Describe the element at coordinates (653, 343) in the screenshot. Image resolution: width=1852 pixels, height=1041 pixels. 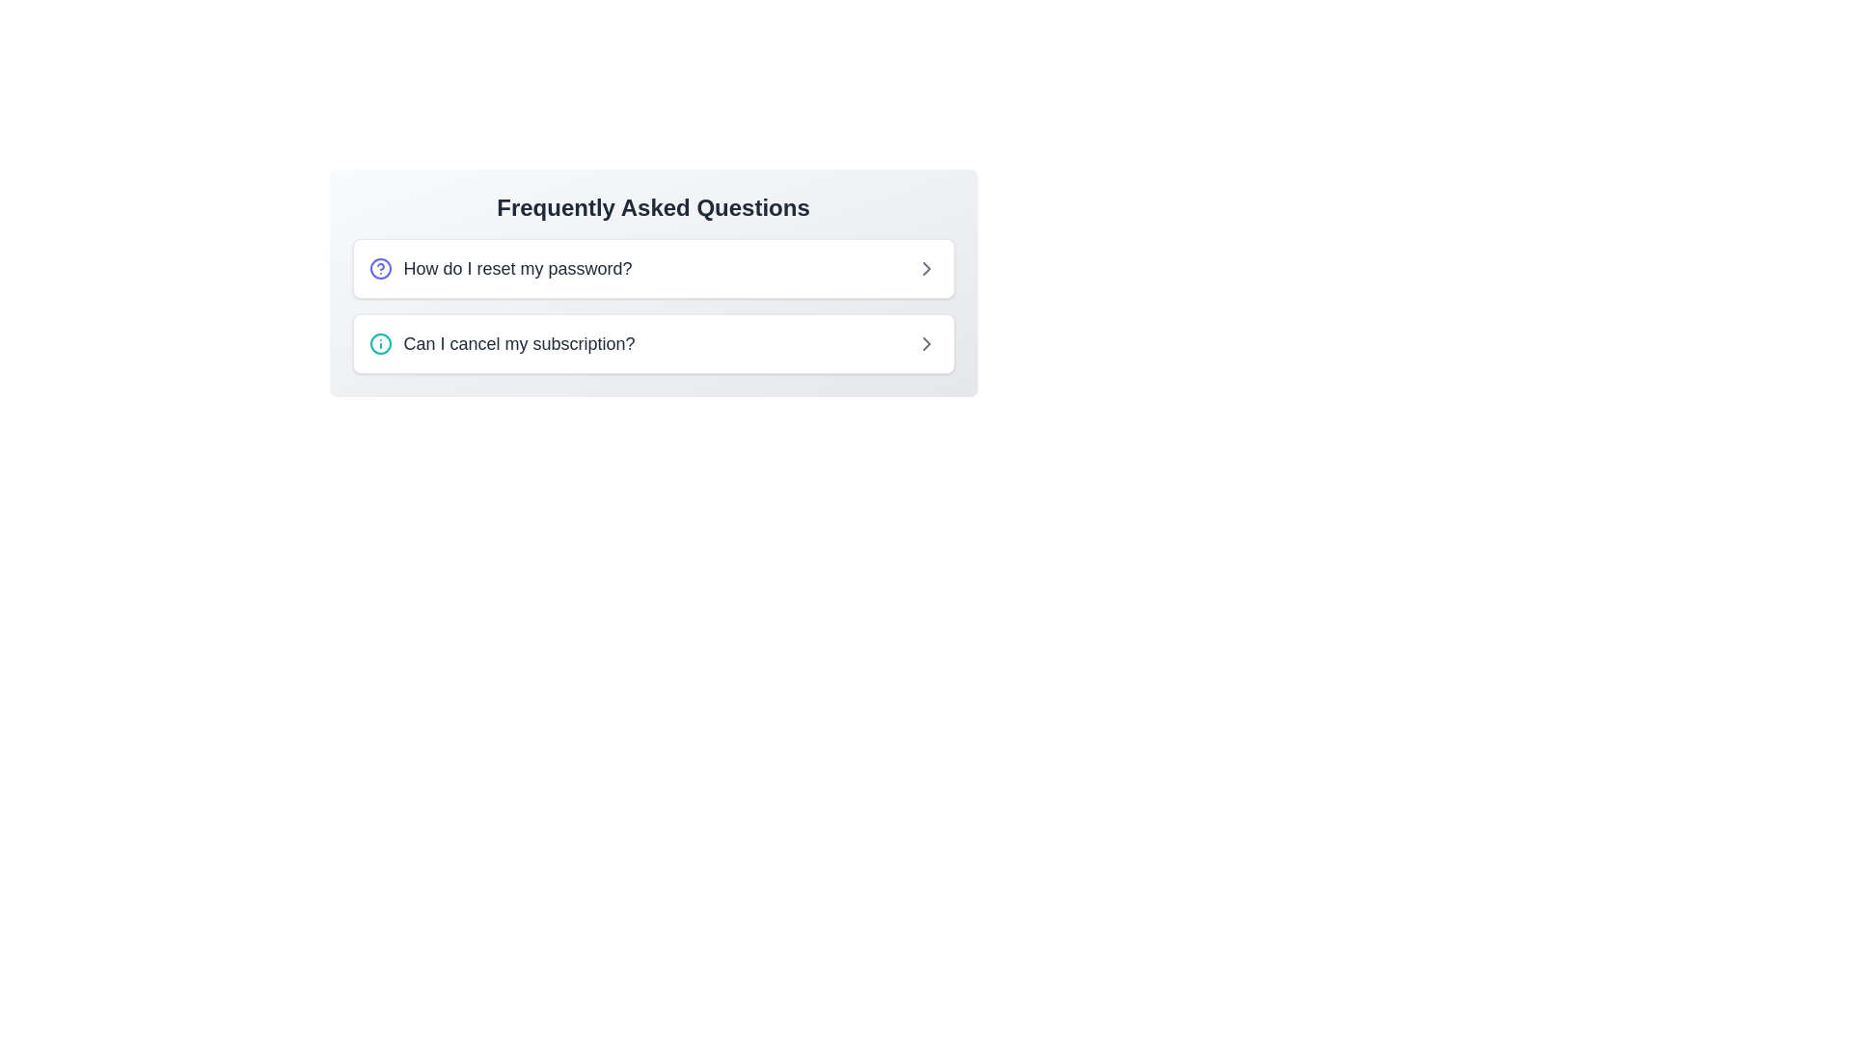
I see `the second FAQ card item titled 'How do I cancel my subscription?' for reordering within the FAQ section` at that location.